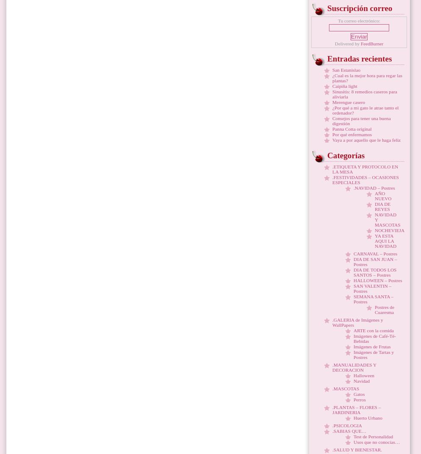  I want to click on 'Huerto Urbano', so click(367, 418).